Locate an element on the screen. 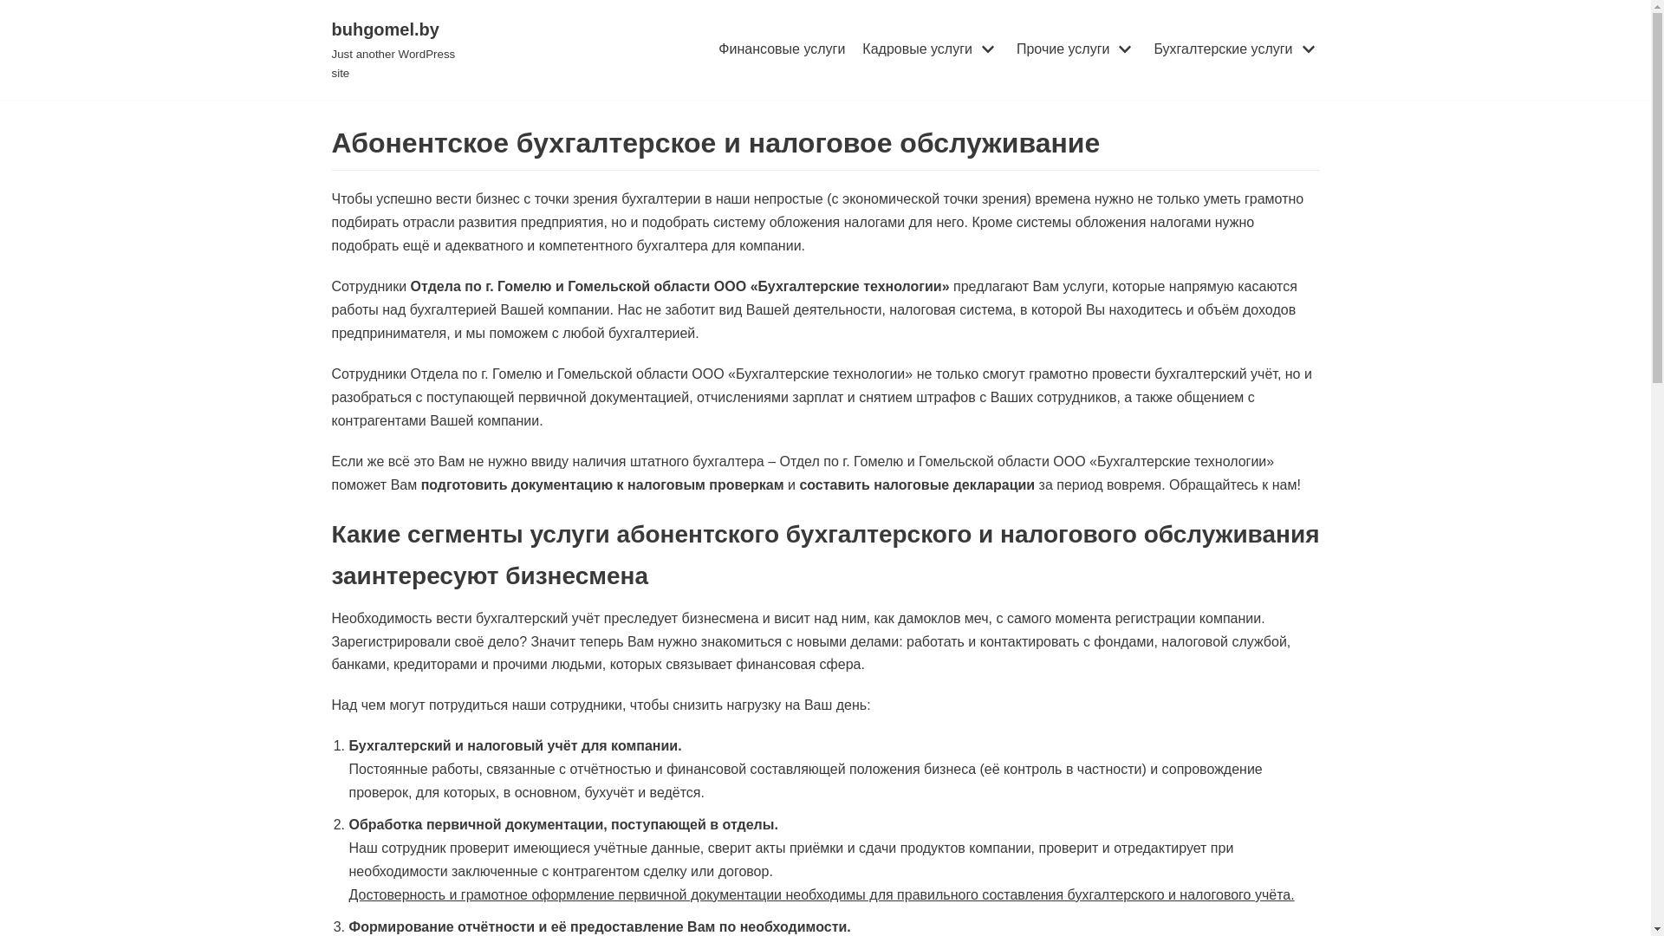  'buhgomel.by is located at coordinates (401, 49).